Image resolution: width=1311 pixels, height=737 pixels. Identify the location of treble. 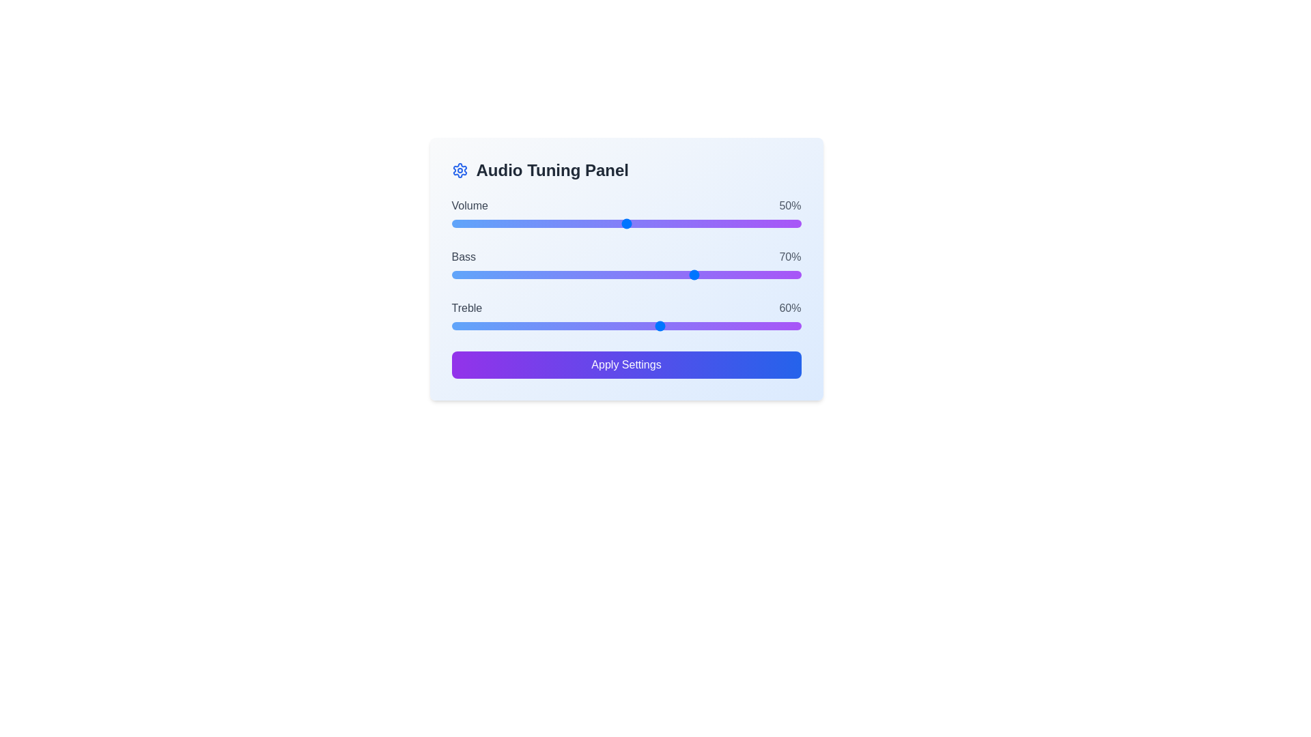
(496, 326).